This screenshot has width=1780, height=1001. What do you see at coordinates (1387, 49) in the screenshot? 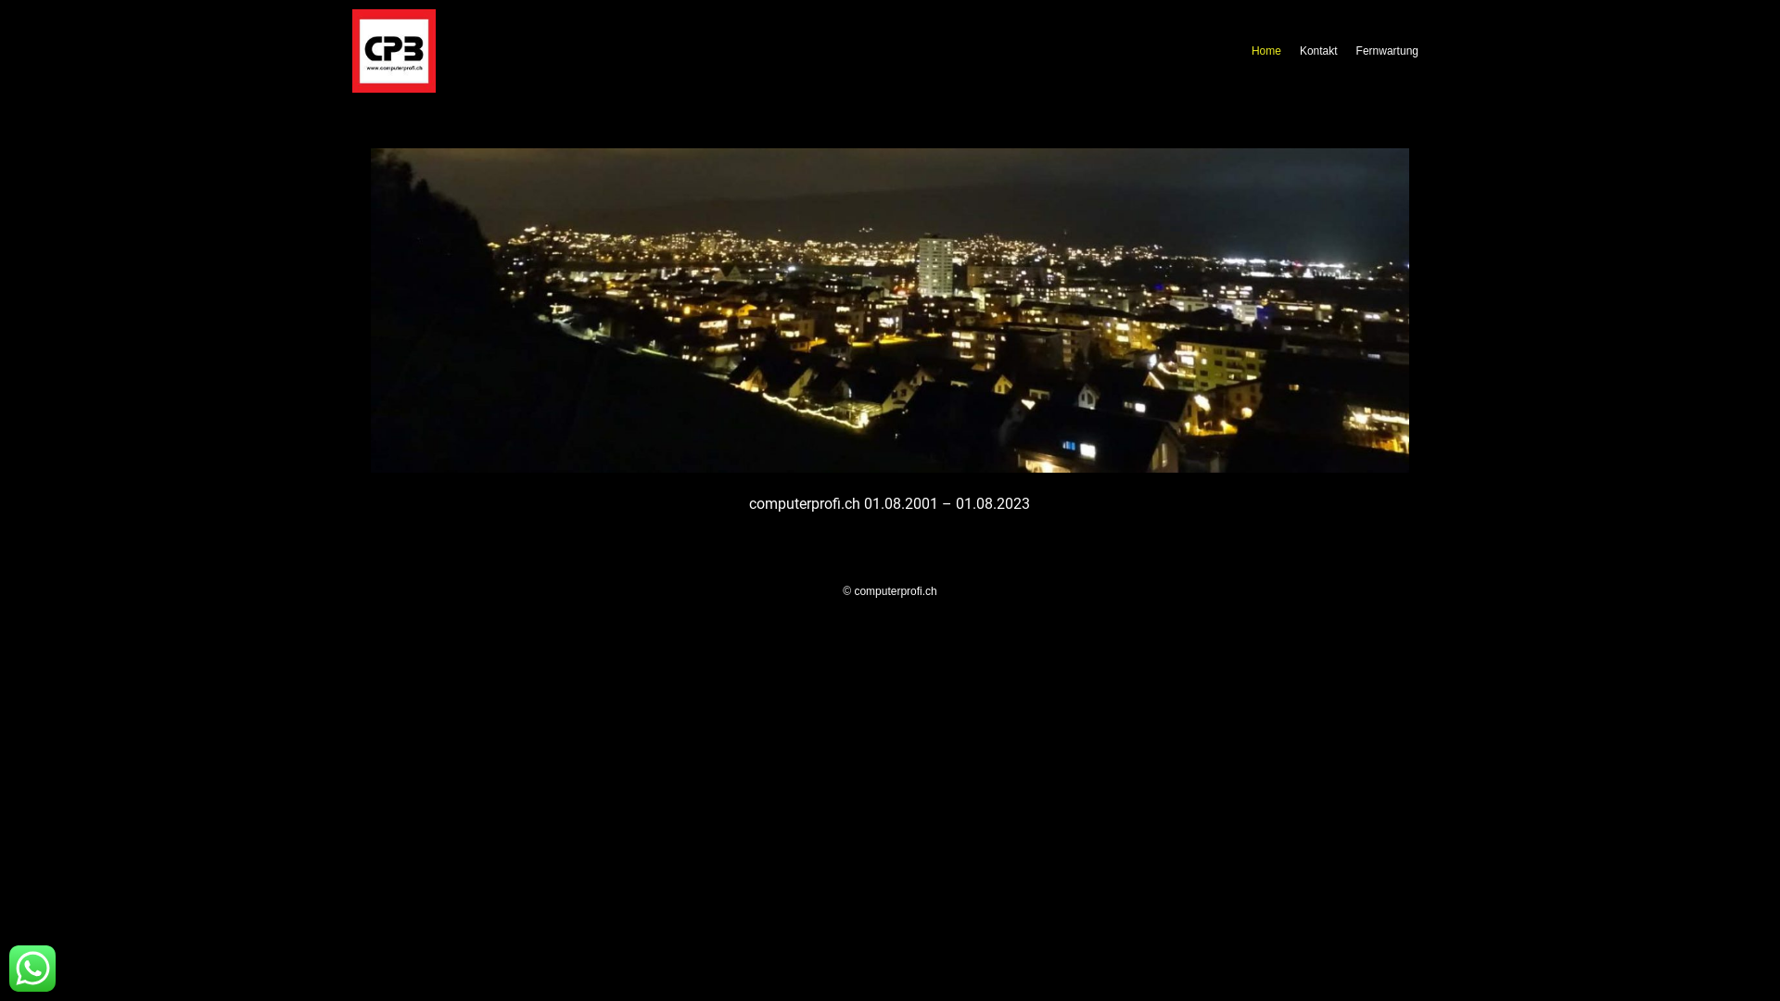
I see `'Fernwartung'` at bounding box center [1387, 49].